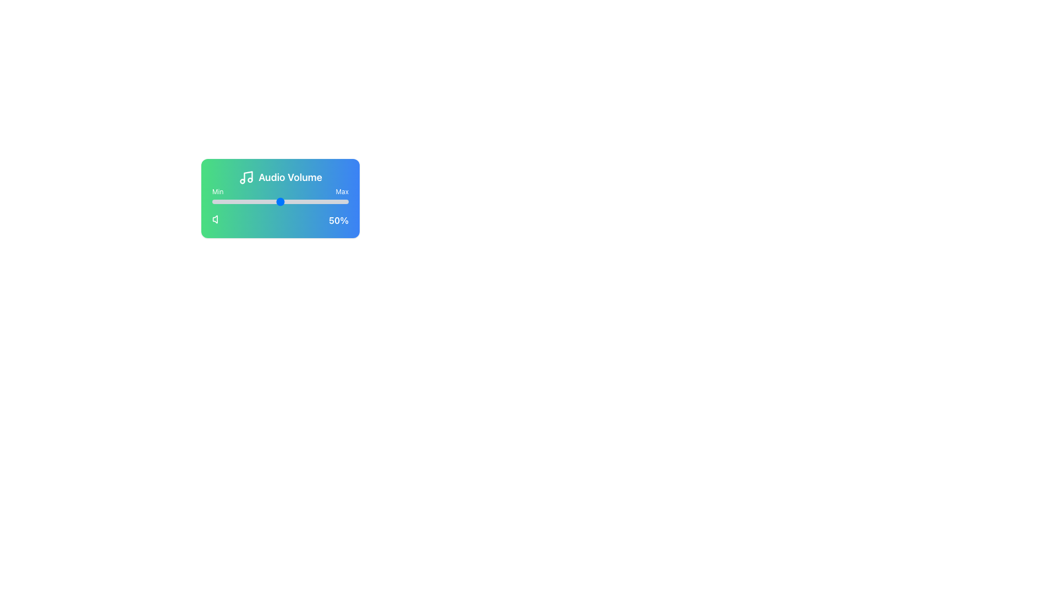 This screenshot has width=1056, height=594. I want to click on the audio volume slider, so click(296, 201).